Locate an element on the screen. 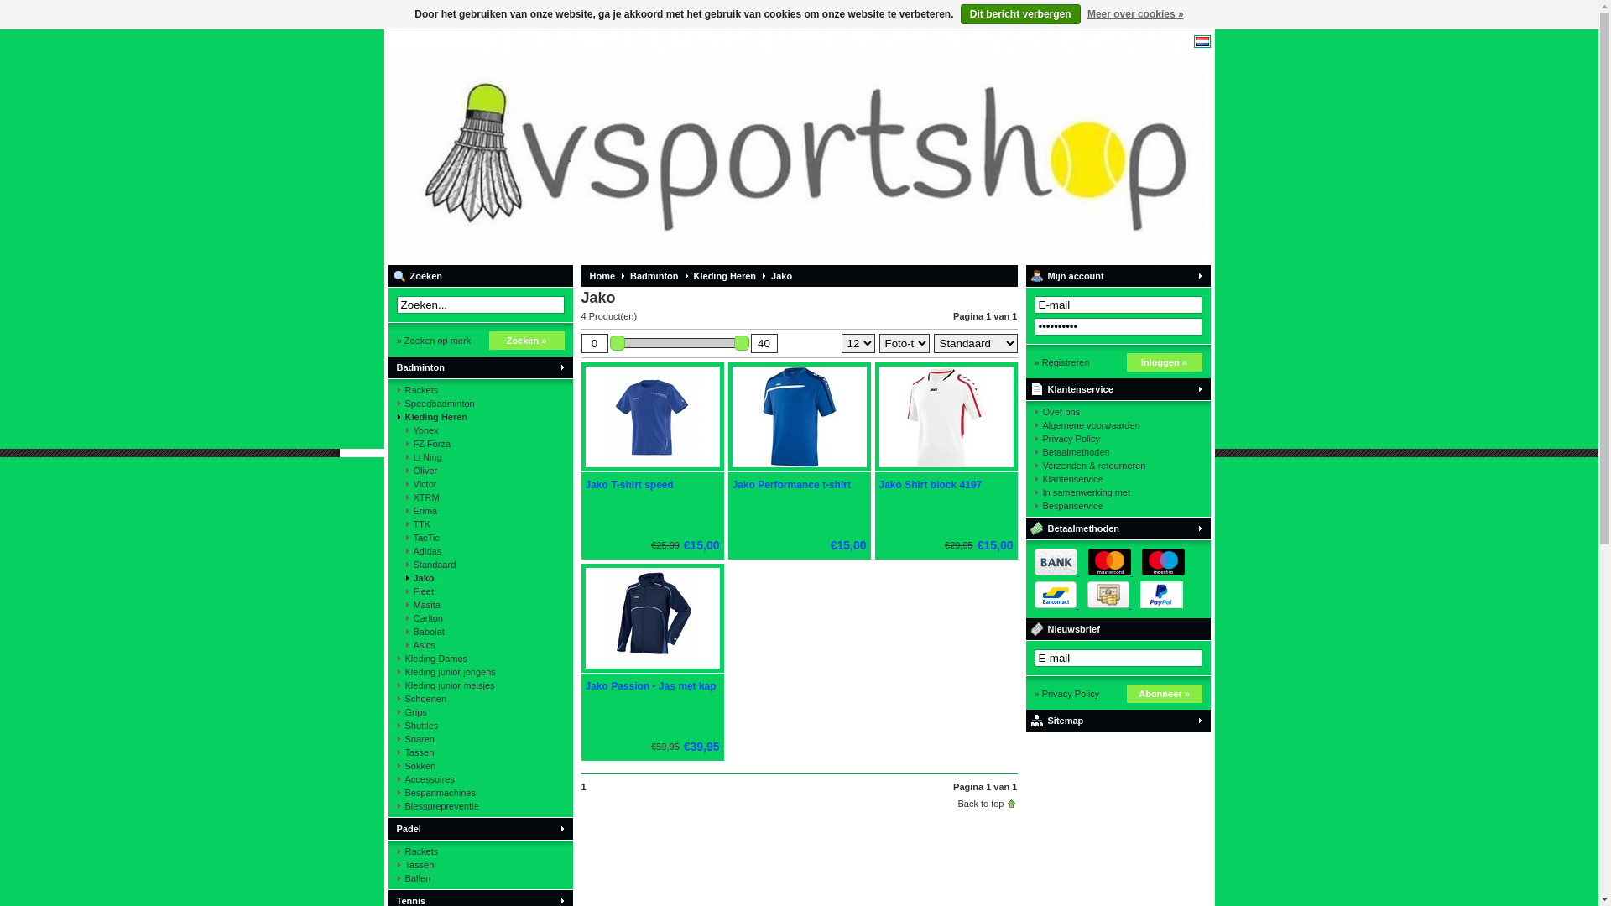  'Masita' is located at coordinates (478, 605).